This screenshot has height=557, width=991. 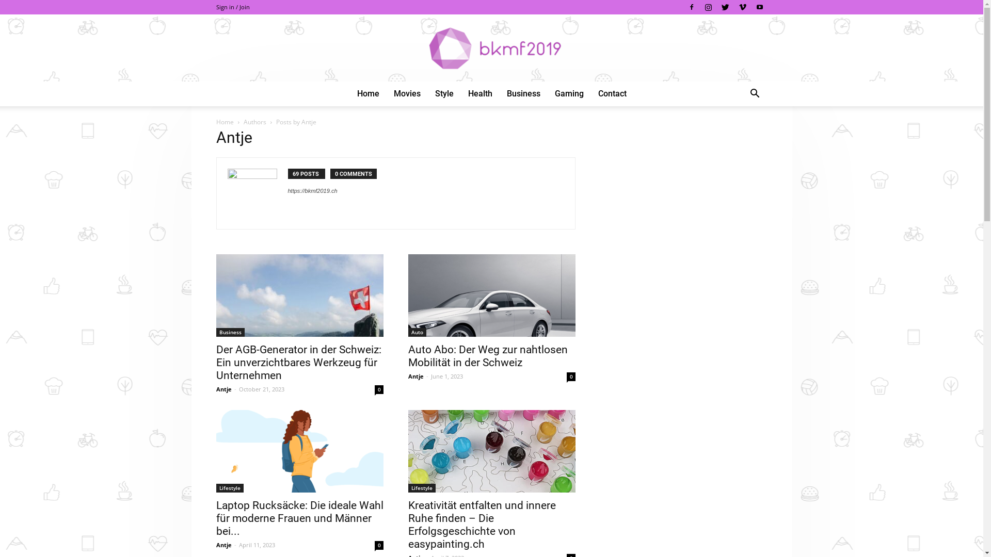 I want to click on 'Bkmf2019', so click(x=491, y=48).